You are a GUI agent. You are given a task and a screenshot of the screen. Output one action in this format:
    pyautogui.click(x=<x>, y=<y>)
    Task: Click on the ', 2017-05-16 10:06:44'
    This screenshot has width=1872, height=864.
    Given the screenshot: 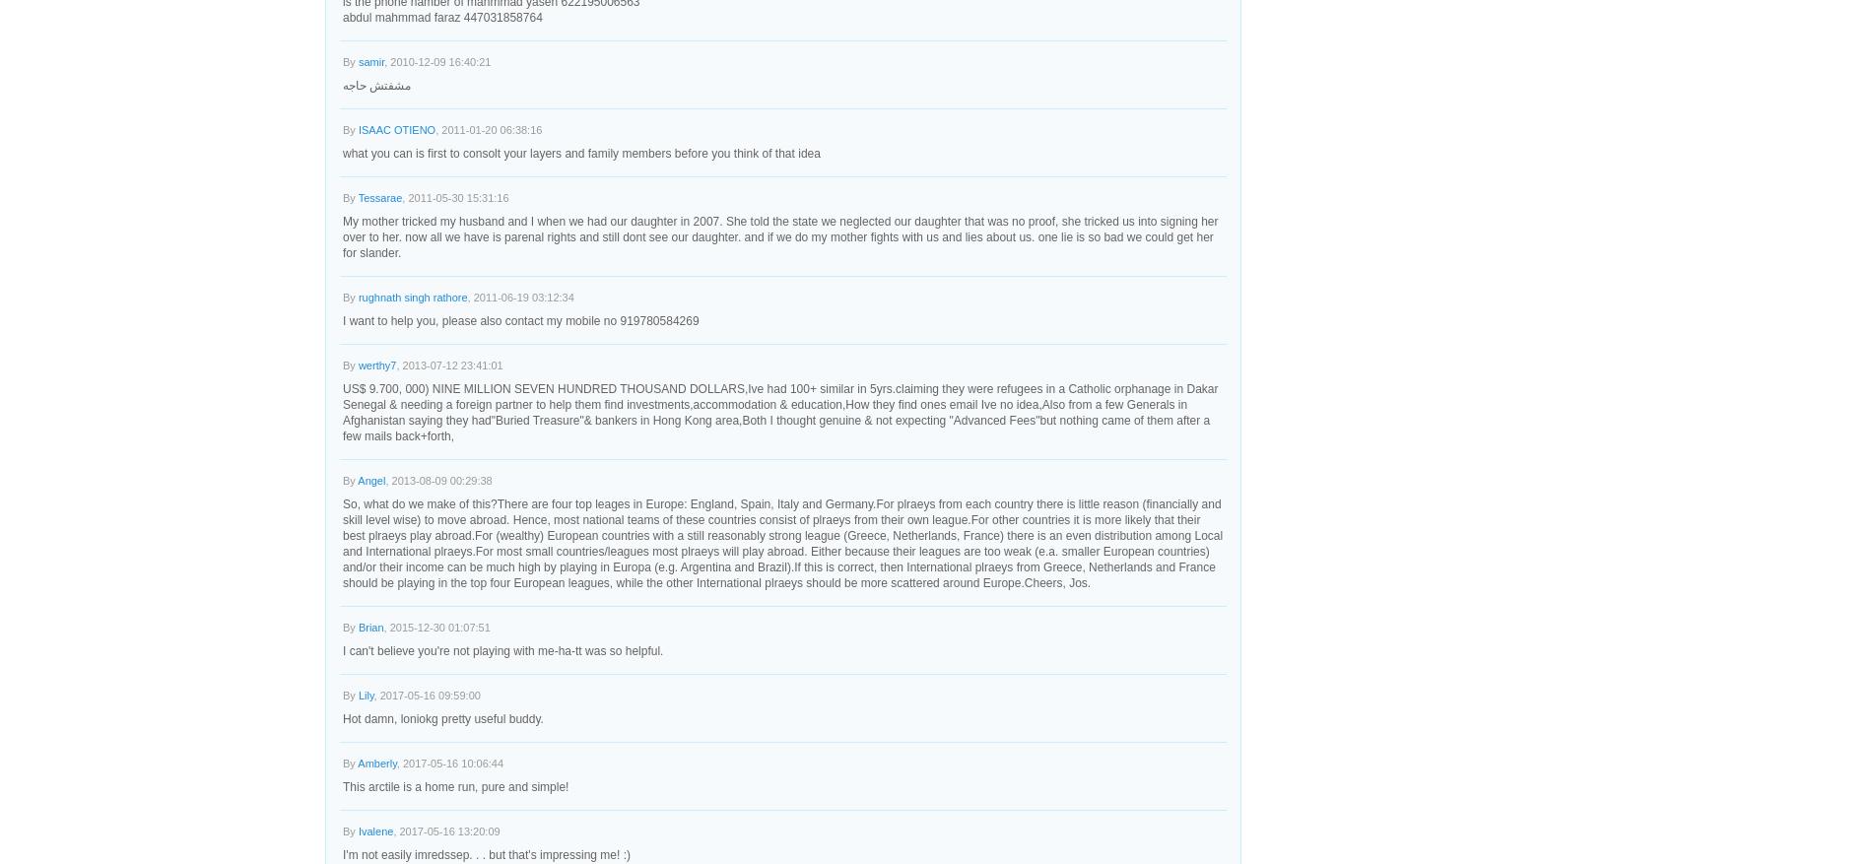 What is the action you would take?
    pyautogui.click(x=448, y=764)
    